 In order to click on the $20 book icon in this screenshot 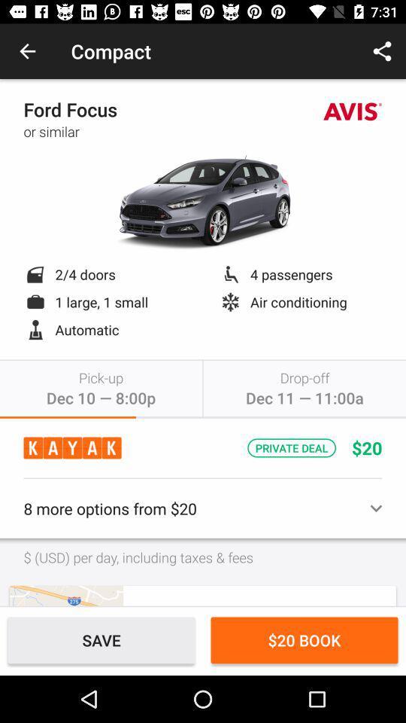, I will do `click(304, 639)`.